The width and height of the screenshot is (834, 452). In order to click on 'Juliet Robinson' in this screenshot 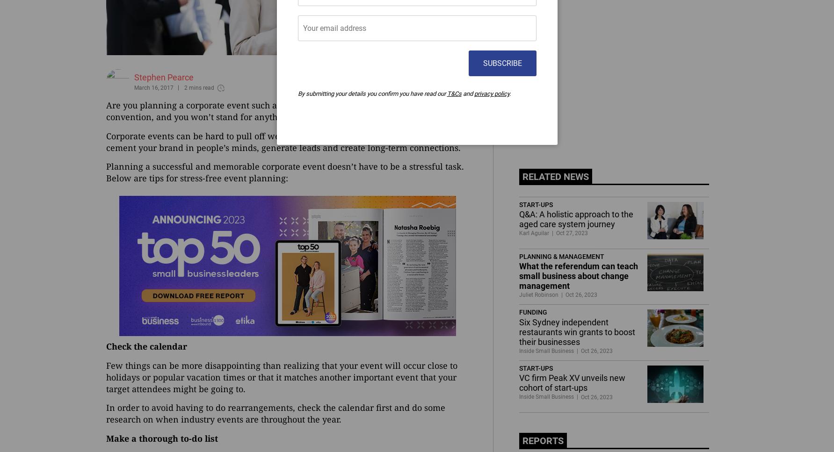, I will do `click(518, 294)`.